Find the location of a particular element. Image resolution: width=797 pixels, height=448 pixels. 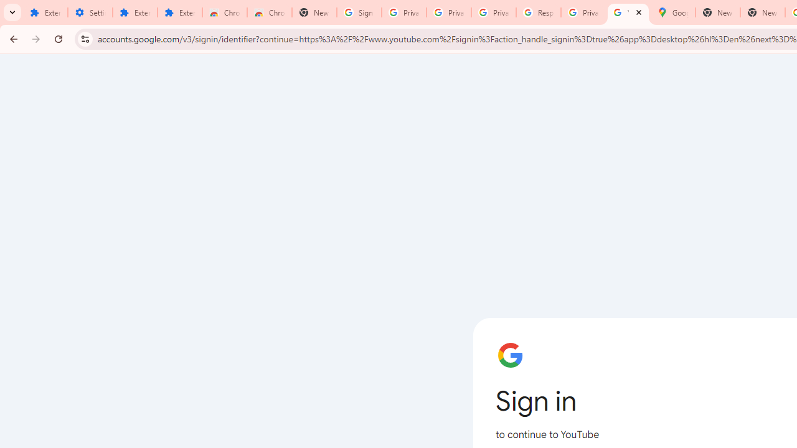

'Google Maps' is located at coordinates (672, 12).